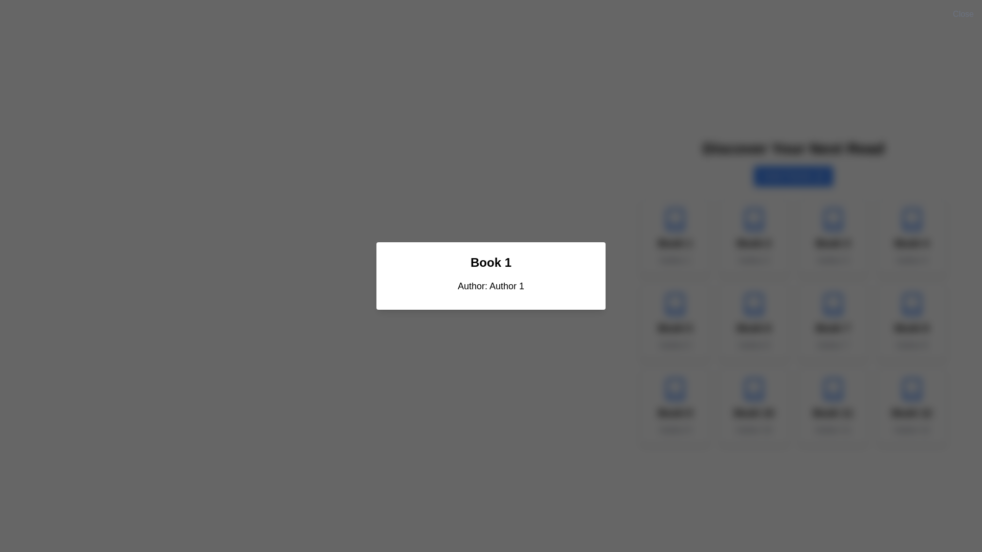 The width and height of the screenshot is (982, 552). What do you see at coordinates (491, 286) in the screenshot?
I see `the text label displaying 'Author: Author 1', which is located within a card-like component just below the title 'Book 1'` at bounding box center [491, 286].